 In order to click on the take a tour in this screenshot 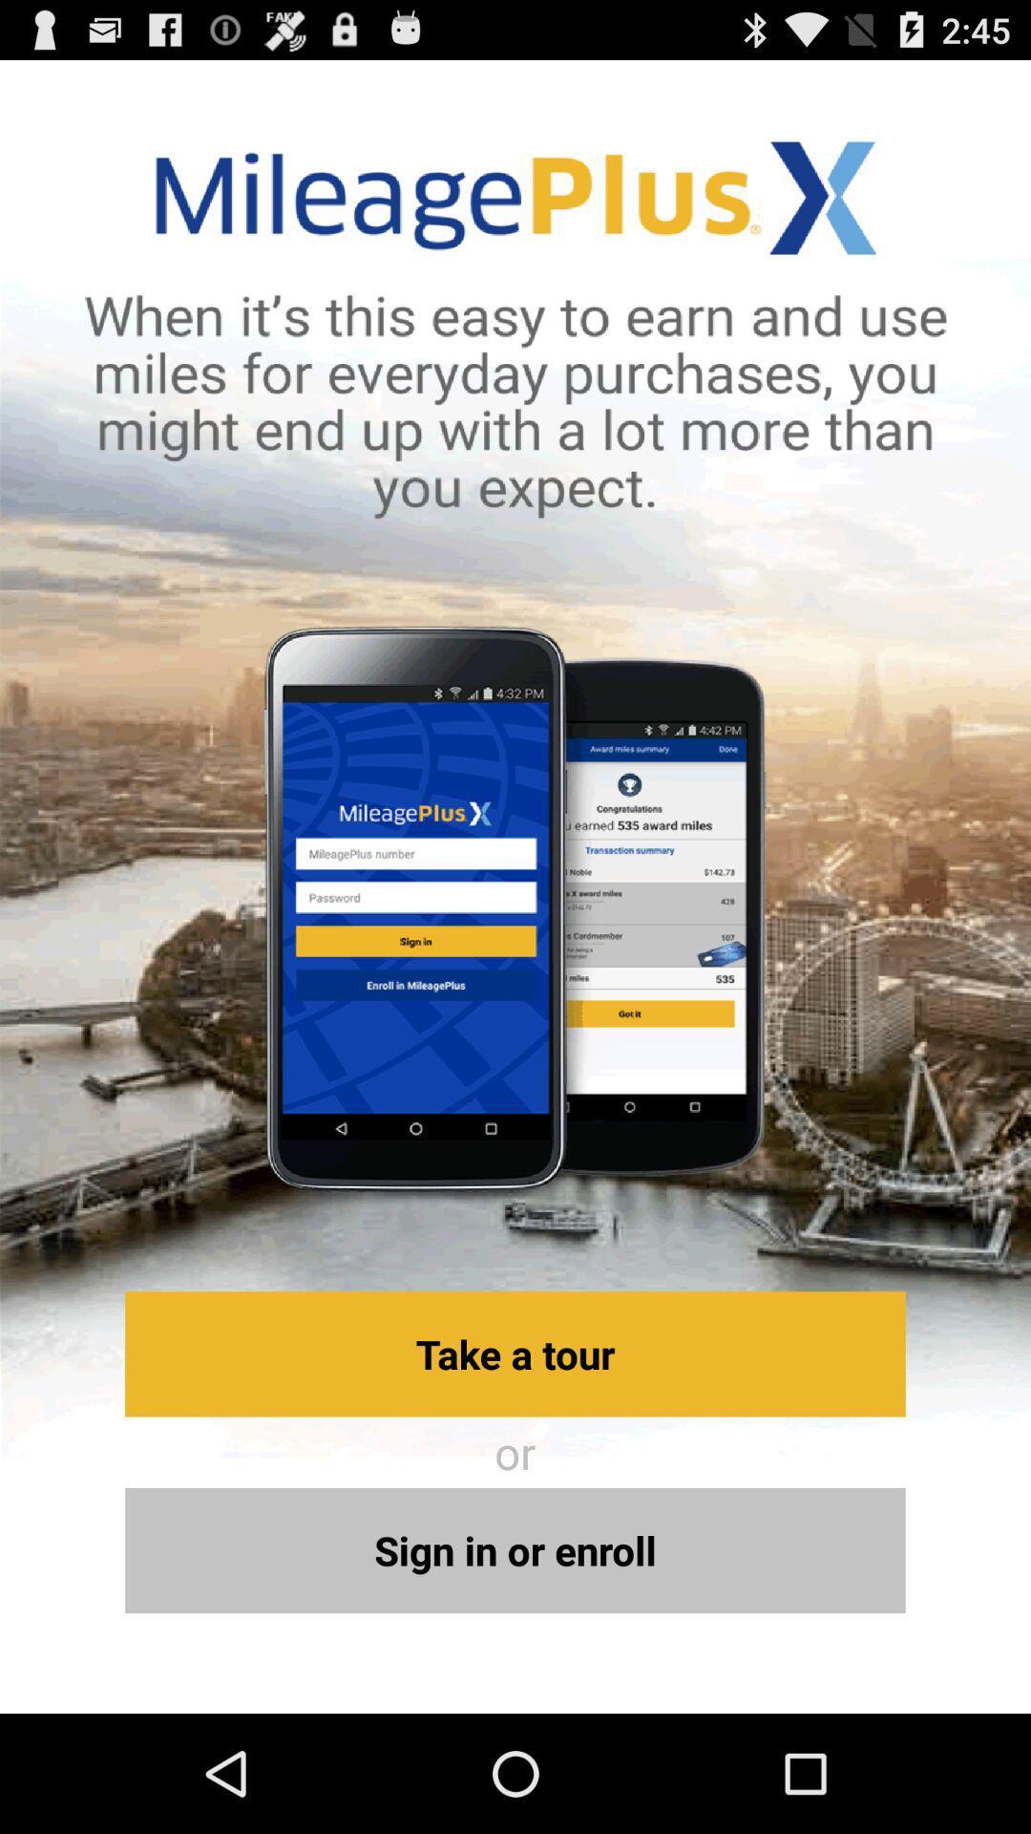, I will do `click(515, 1353)`.